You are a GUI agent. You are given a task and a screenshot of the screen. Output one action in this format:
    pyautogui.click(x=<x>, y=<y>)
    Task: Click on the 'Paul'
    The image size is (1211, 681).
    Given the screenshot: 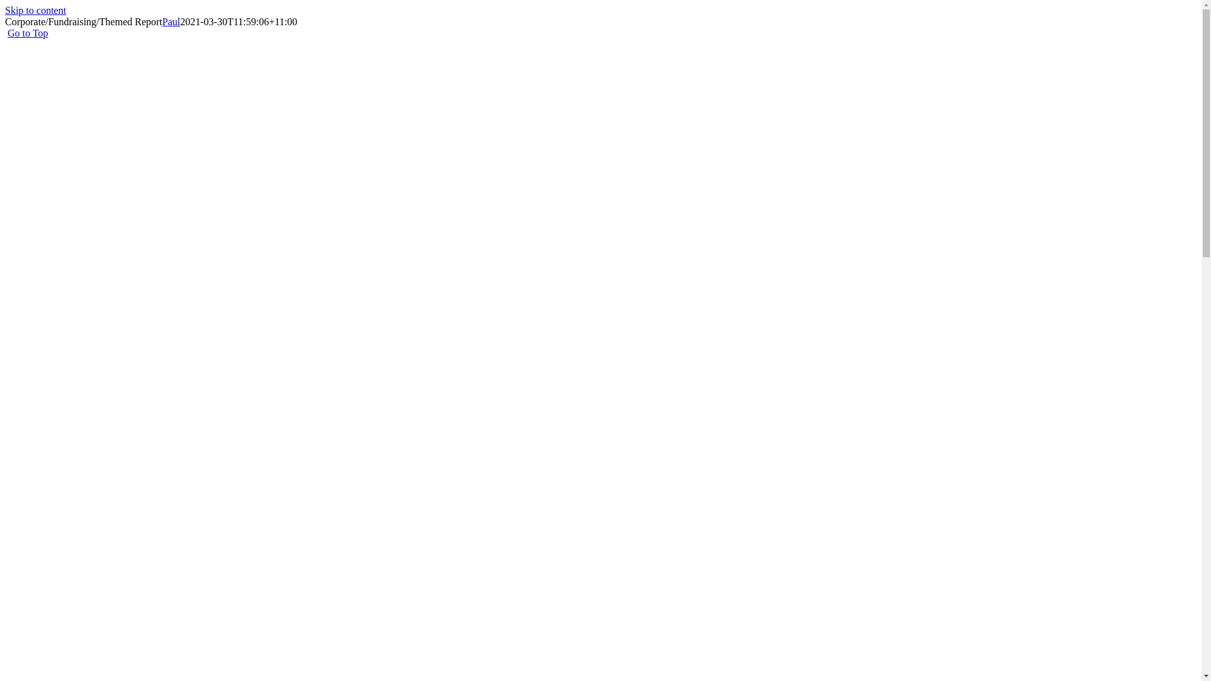 What is the action you would take?
    pyautogui.click(x=161, y=21)
    